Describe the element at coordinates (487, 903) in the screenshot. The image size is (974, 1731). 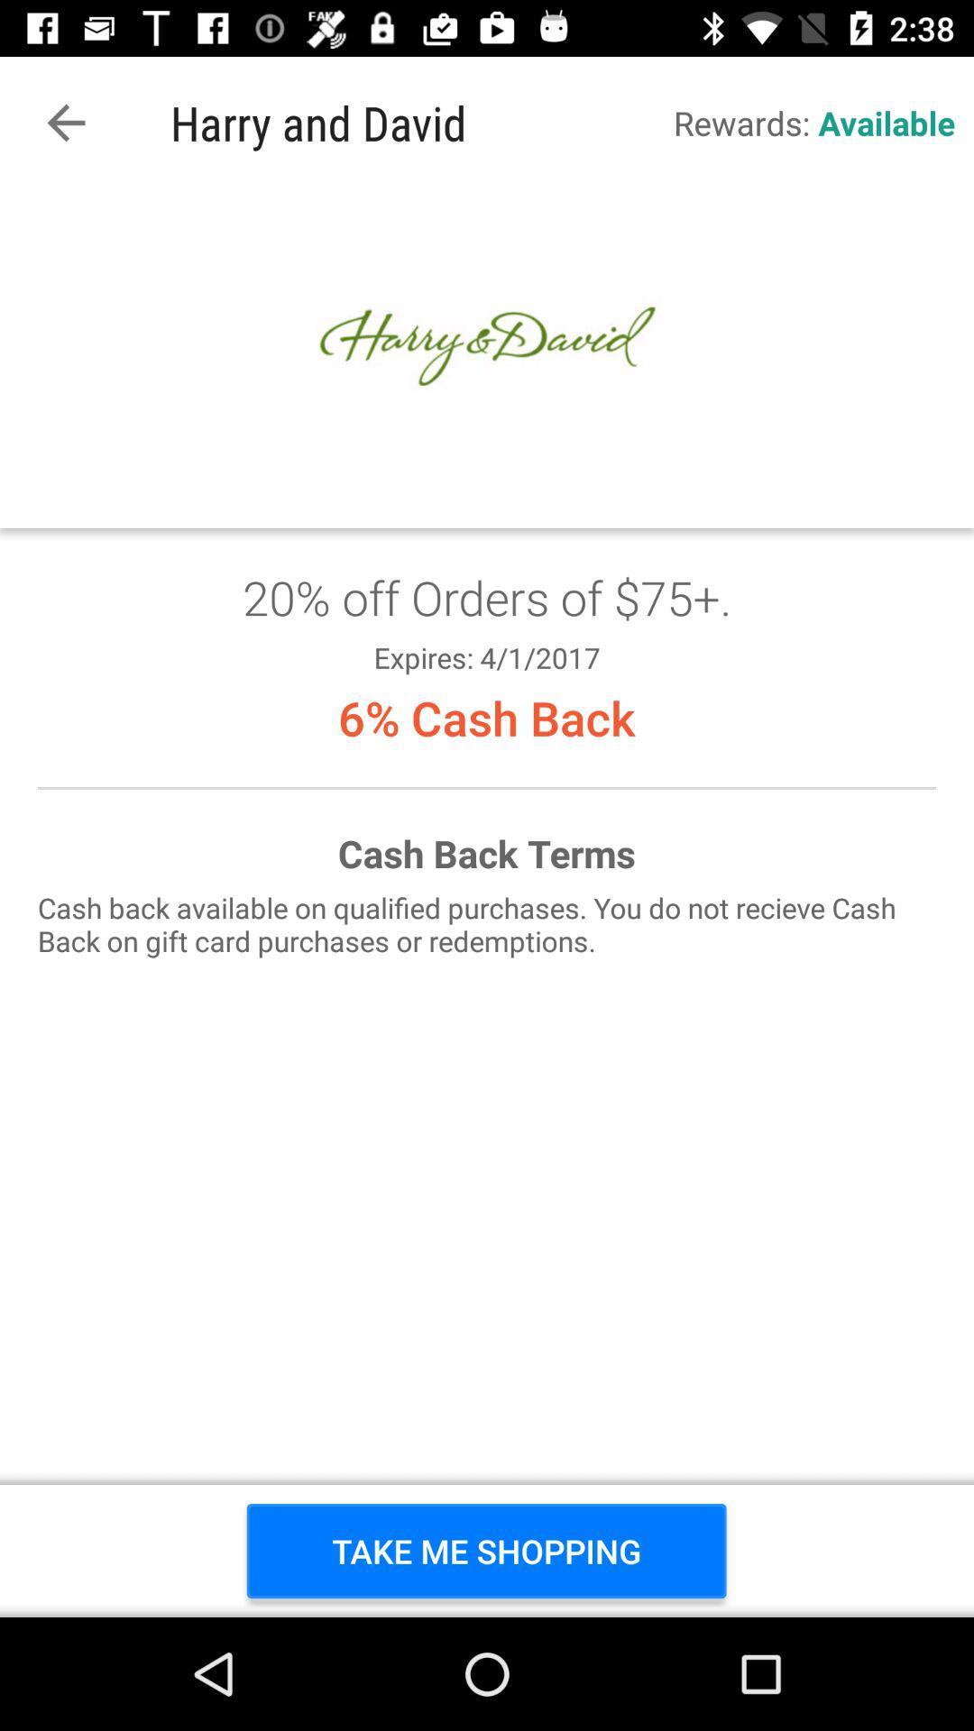
I see `rewards available shop now` at that location.